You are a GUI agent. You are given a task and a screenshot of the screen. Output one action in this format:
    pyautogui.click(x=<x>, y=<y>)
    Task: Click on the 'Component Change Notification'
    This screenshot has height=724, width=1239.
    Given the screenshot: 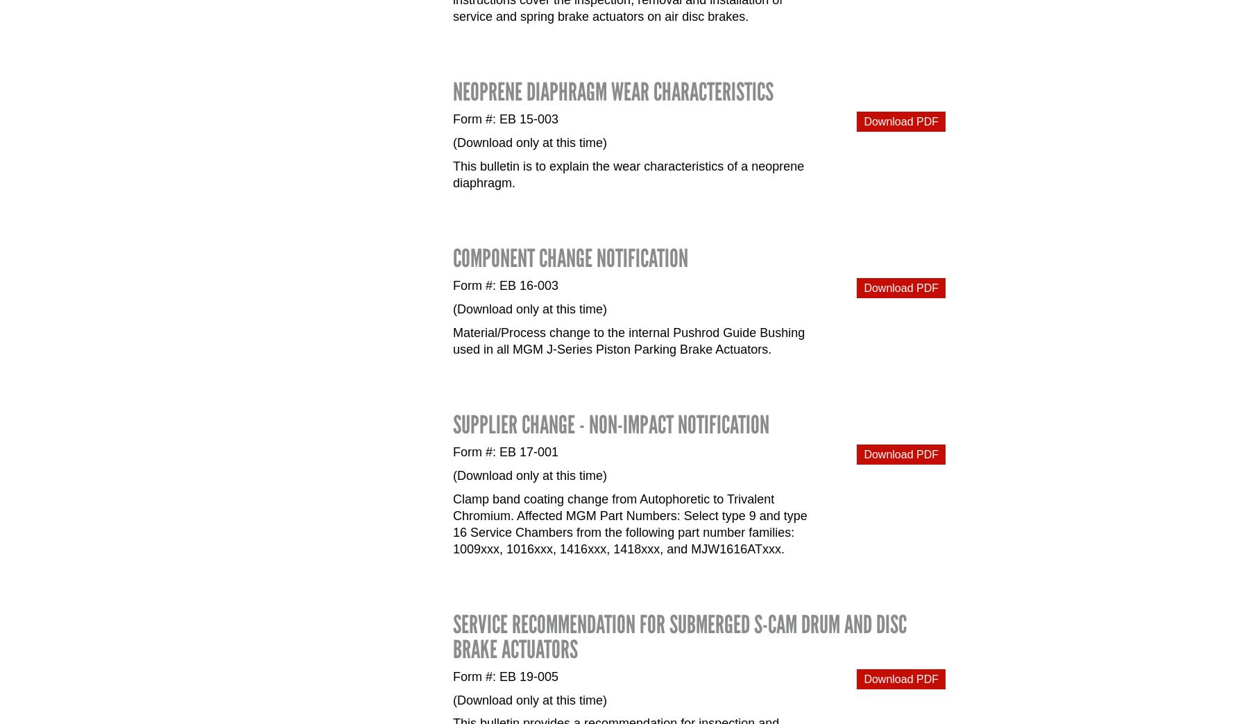 What is the action you would take?
    pyautogui.click(x=570, y=257)
    